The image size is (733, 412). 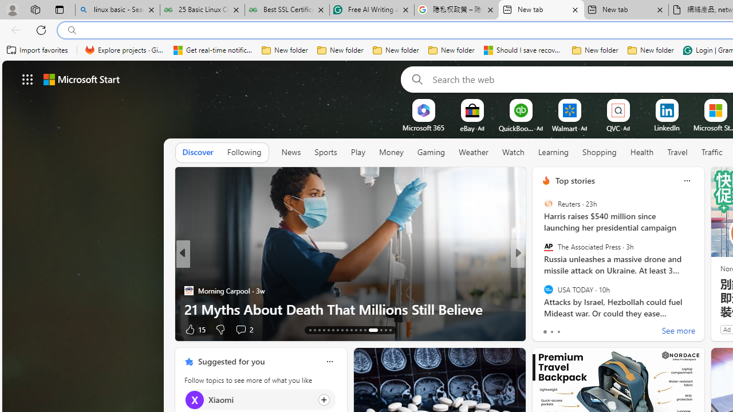 What do you see at coordinates (513, 152) in the screenshot?
I see `'Watch'` at bounding box center [513, 152].